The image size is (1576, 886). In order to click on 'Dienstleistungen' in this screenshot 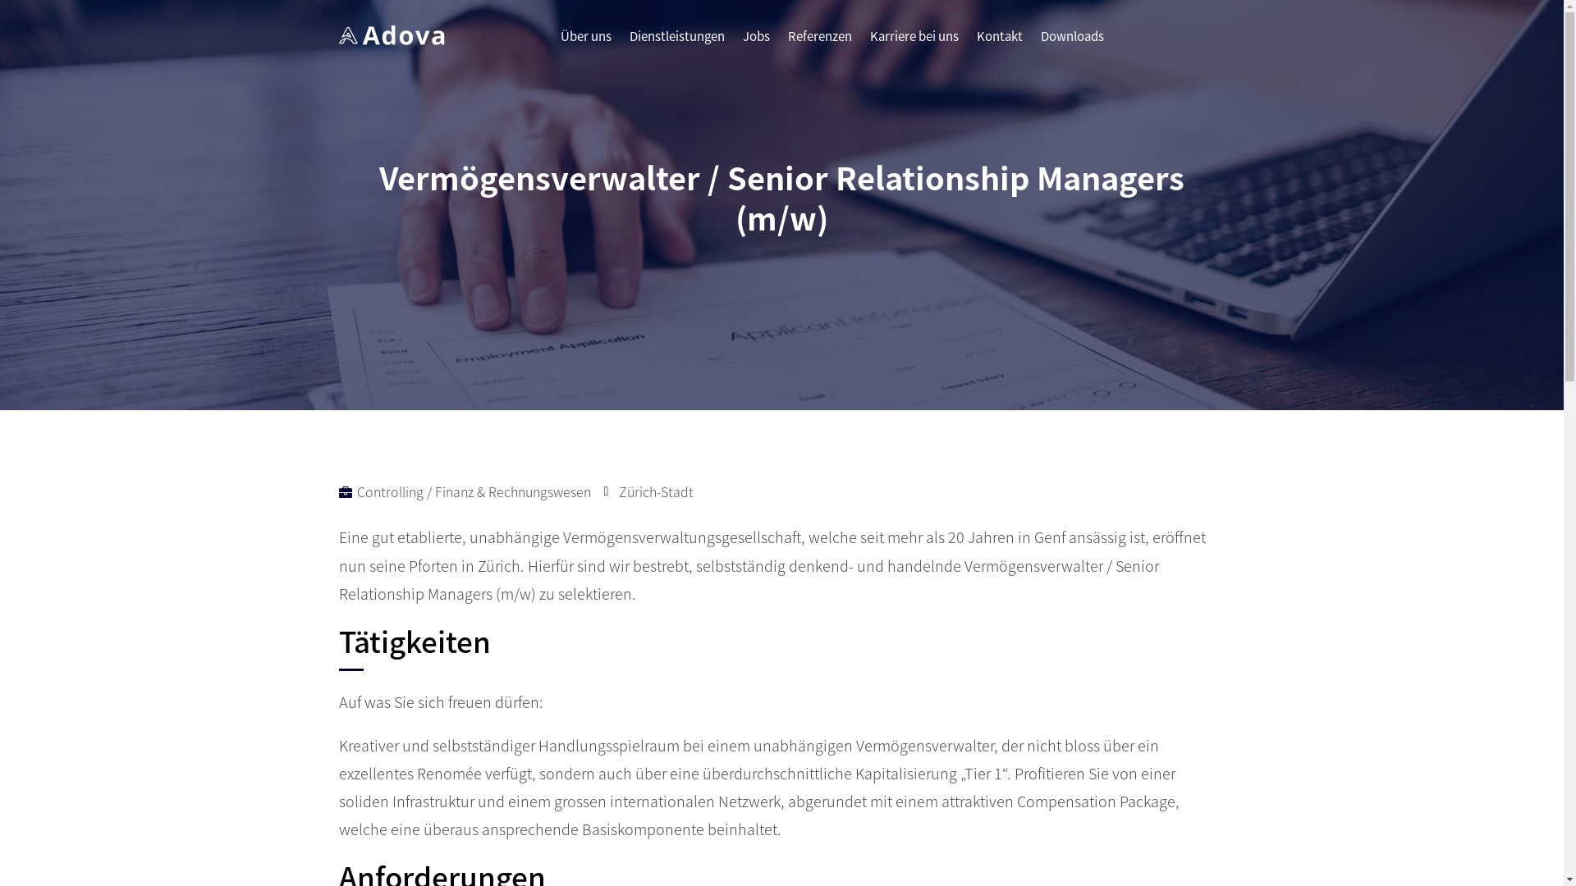, I will do `click(676, 41)`.